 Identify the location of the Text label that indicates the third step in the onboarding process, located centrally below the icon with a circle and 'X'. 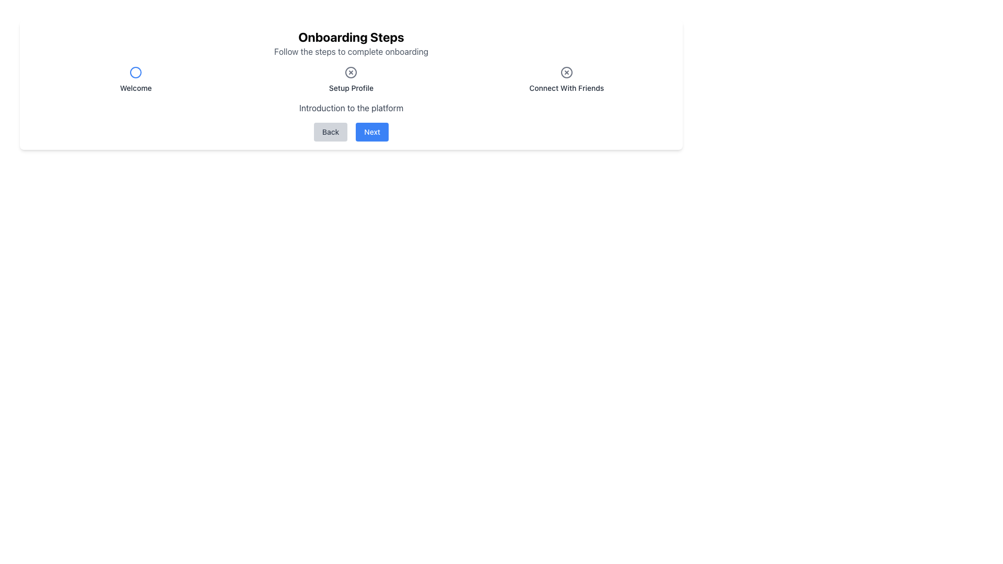
(566, 88).